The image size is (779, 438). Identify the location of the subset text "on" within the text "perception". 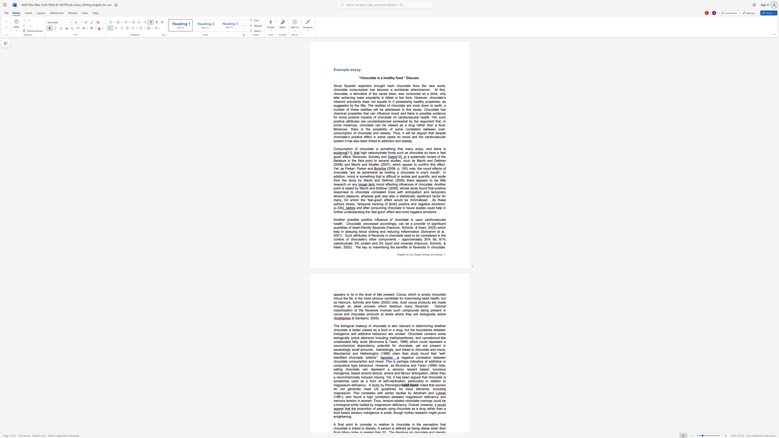
(434, 424).